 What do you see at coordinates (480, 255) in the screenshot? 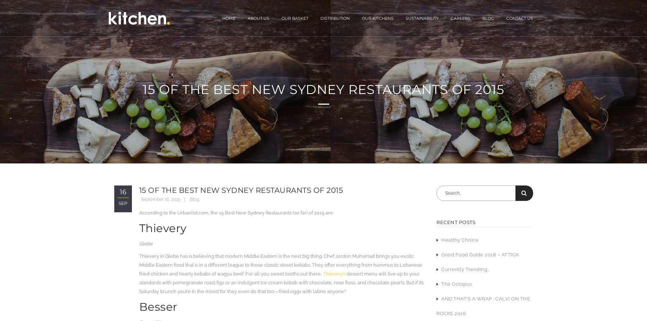
I see `'Good Food Guide 2018 – ATTICA'` at bounding box center [480, 255].